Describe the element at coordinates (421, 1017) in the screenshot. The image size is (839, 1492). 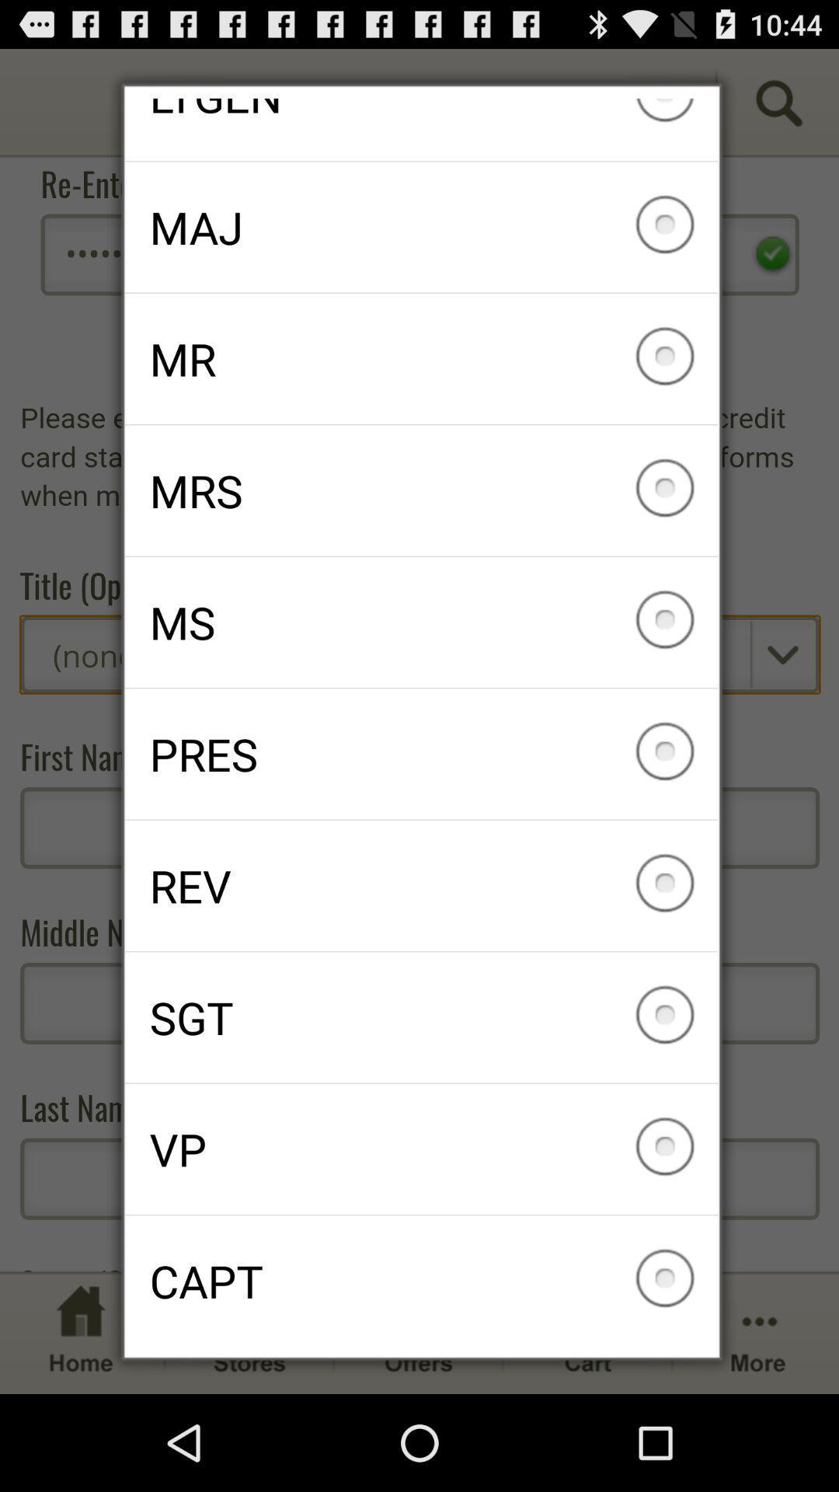
I see `the item above vp` at that location.